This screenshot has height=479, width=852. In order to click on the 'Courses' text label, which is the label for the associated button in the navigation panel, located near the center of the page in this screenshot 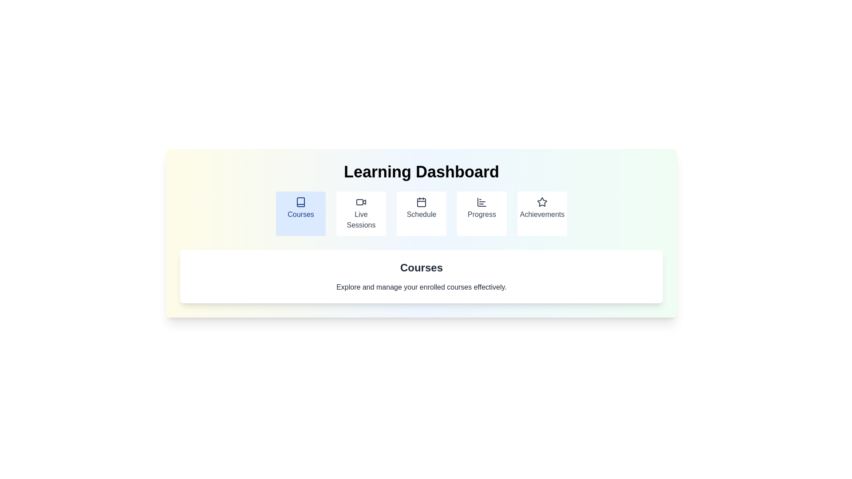, I will do `click(300, 214)`.